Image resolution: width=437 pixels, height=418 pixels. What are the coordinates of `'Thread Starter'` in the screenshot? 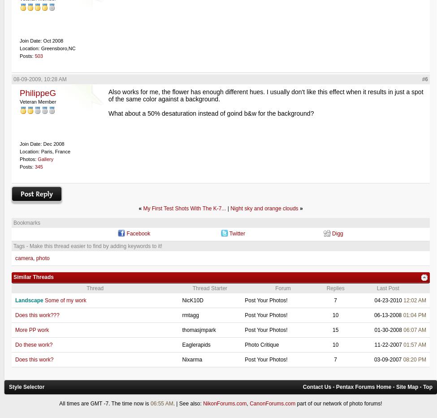 It's located at (210, 288).